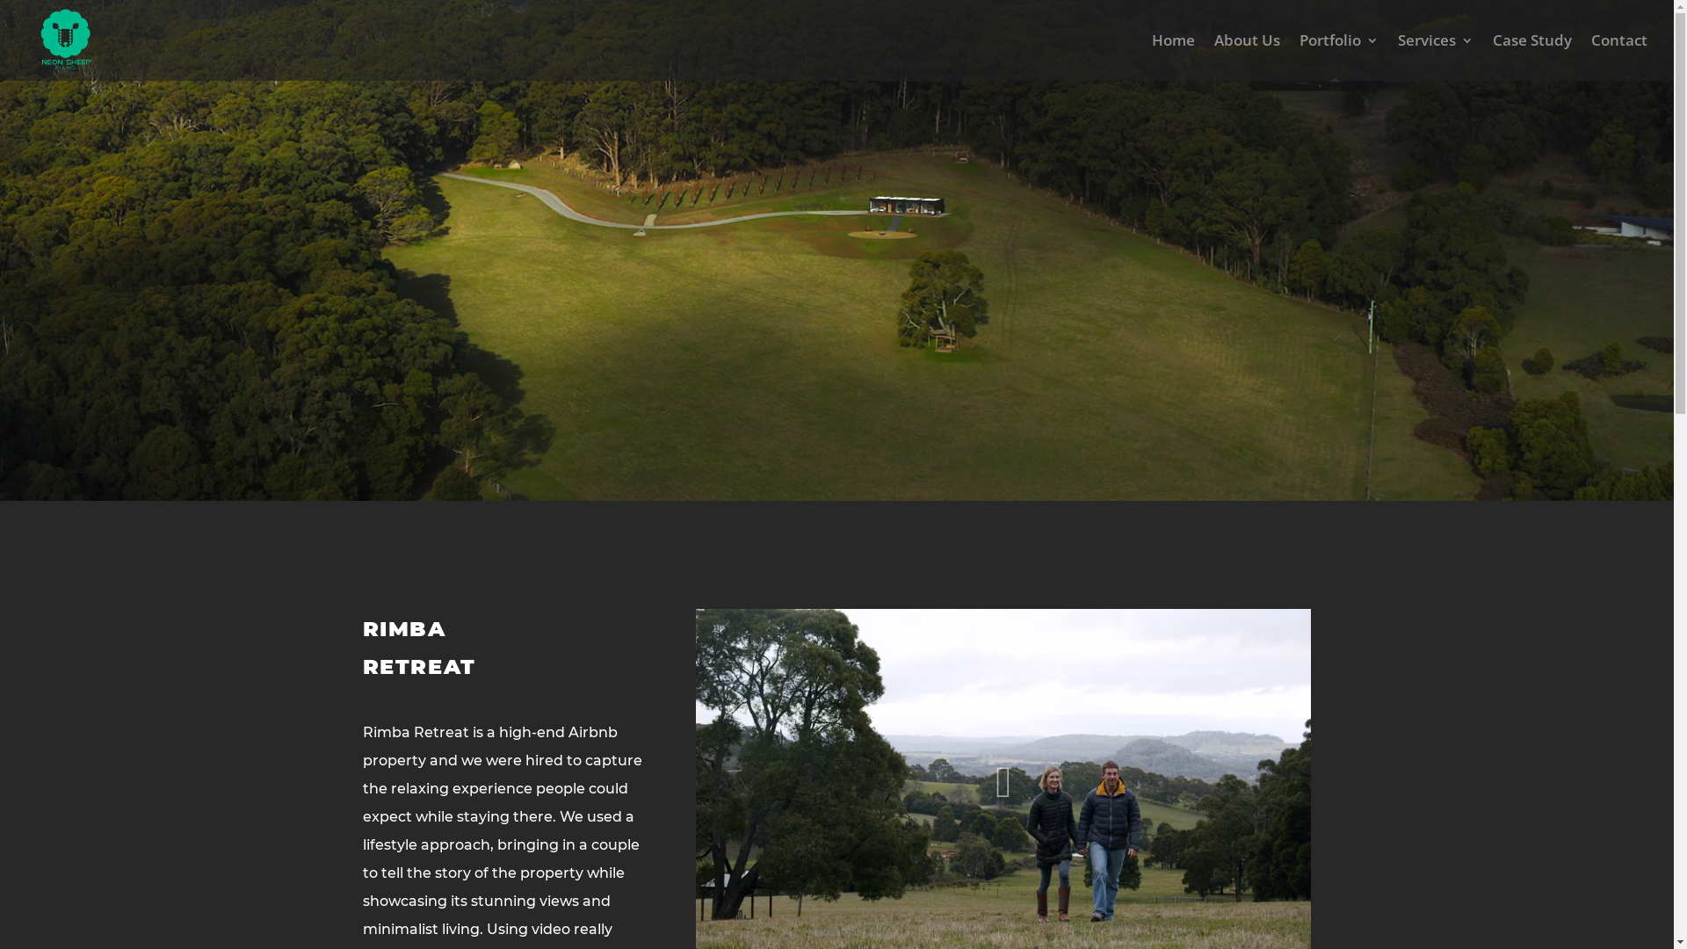 The width and height of the screenshot is (1687, 949). I want to click on 'About Us', so click(1246, 56).